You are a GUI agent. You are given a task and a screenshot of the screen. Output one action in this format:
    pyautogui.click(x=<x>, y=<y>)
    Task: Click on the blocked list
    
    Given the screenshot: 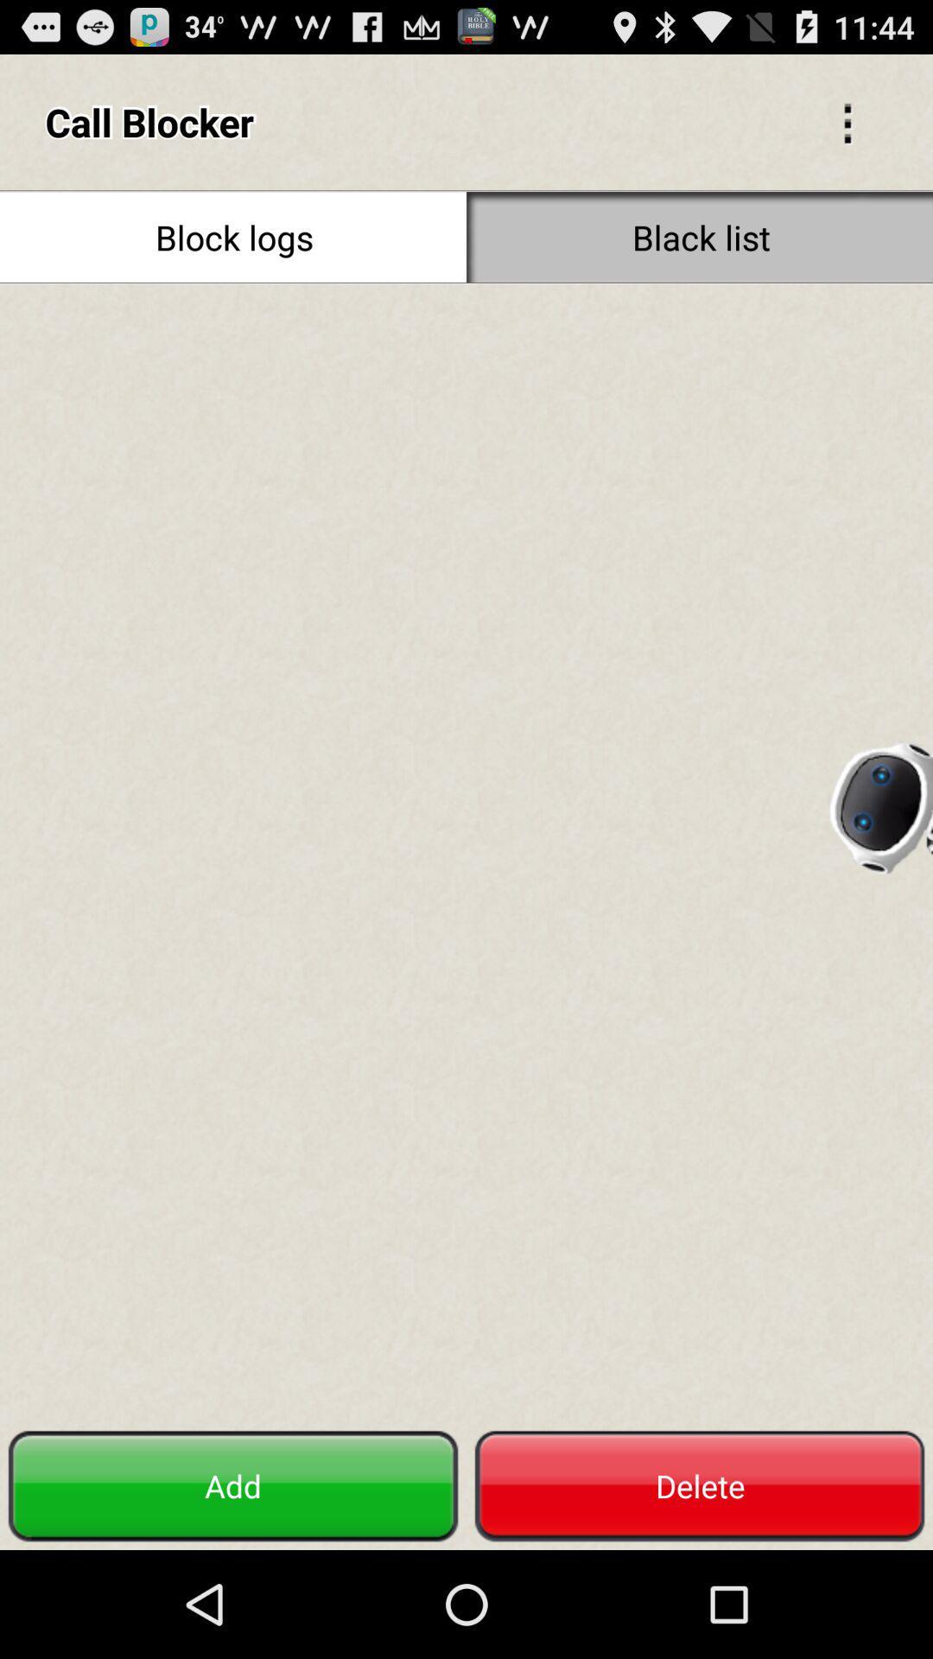 What is the action you would take?
    pyautogui.click(x=466, y=853)
    